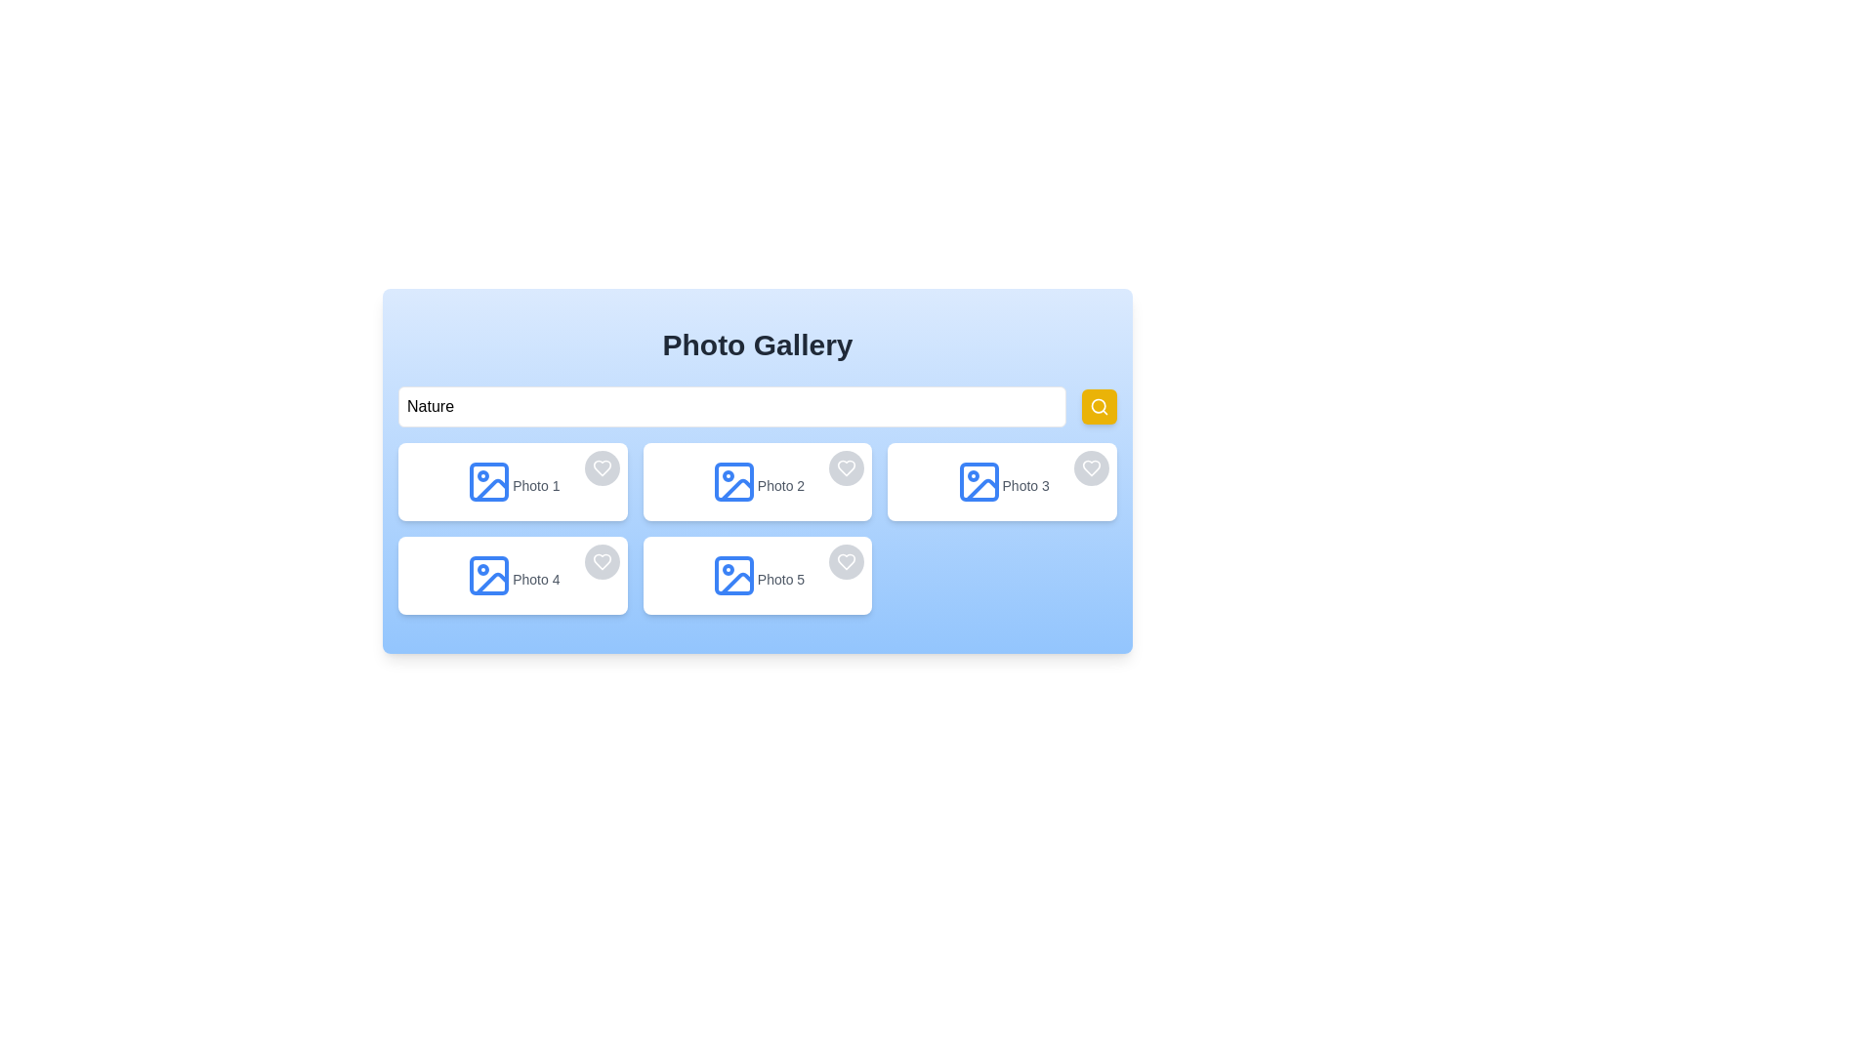  I want to click on the heart-shaped icon button with a white color on a gray background in the top-right corner of the second photo card, so click(847, 467).